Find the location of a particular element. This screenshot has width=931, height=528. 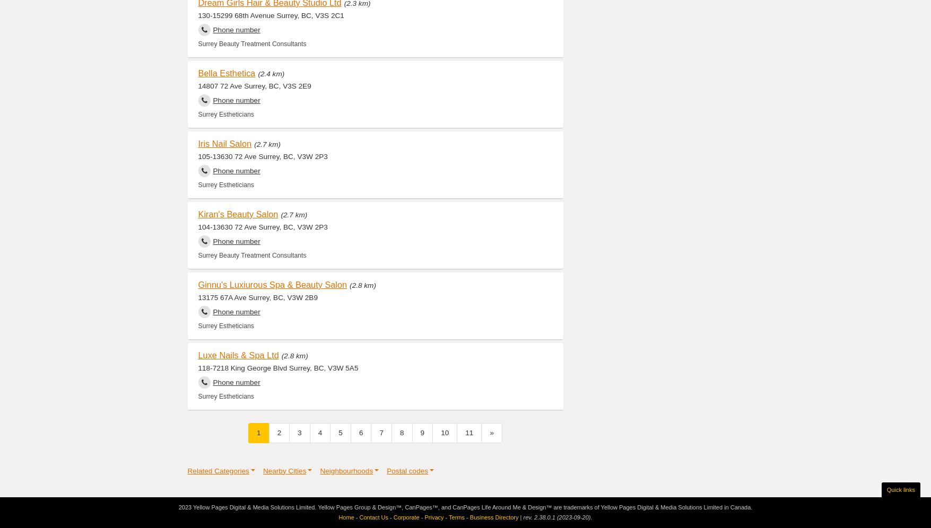

'118-7218 King George Blvd Surrey, BC, V3W 5A5' is located at coordinates (277, 367).